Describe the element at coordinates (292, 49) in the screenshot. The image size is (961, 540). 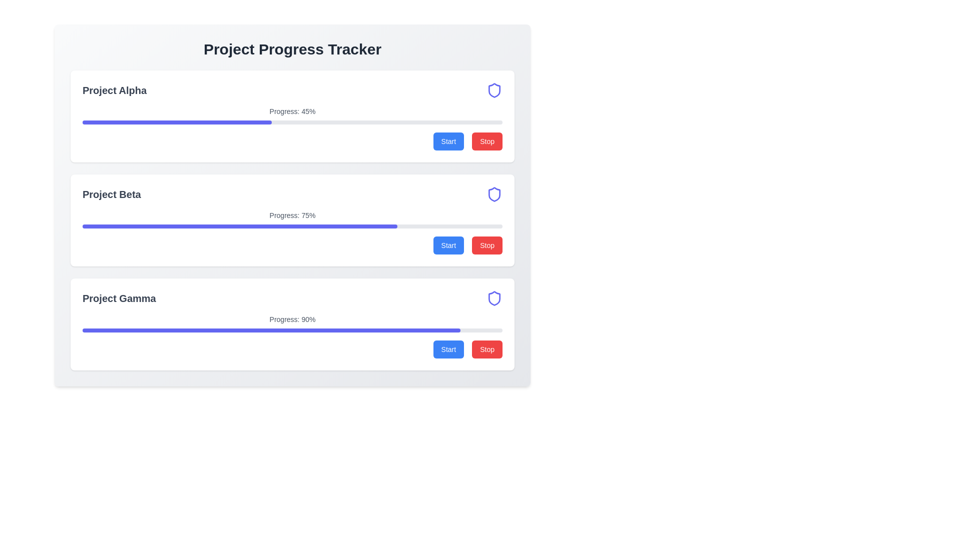
I see `the bold Static Text Header displaying 'Project Progress Tracker' located at the top-center of the interface` at that location.